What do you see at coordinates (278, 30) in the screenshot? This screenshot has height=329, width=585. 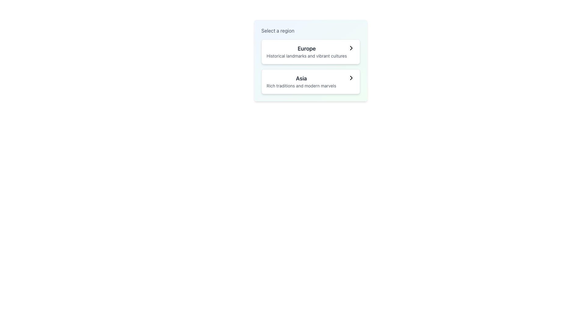 I see `the Text label that serves as a descriptive label for the region selection options located in the header area` at bounding box center [278, 30].